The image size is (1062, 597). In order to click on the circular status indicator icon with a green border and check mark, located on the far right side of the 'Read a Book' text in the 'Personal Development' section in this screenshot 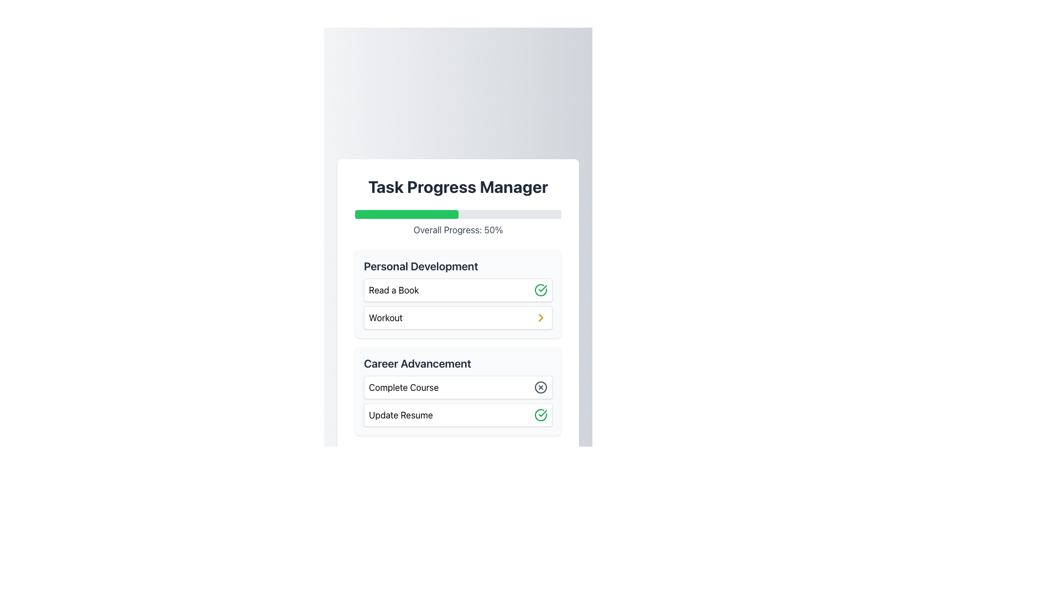, I will do `click(541, 289)`.